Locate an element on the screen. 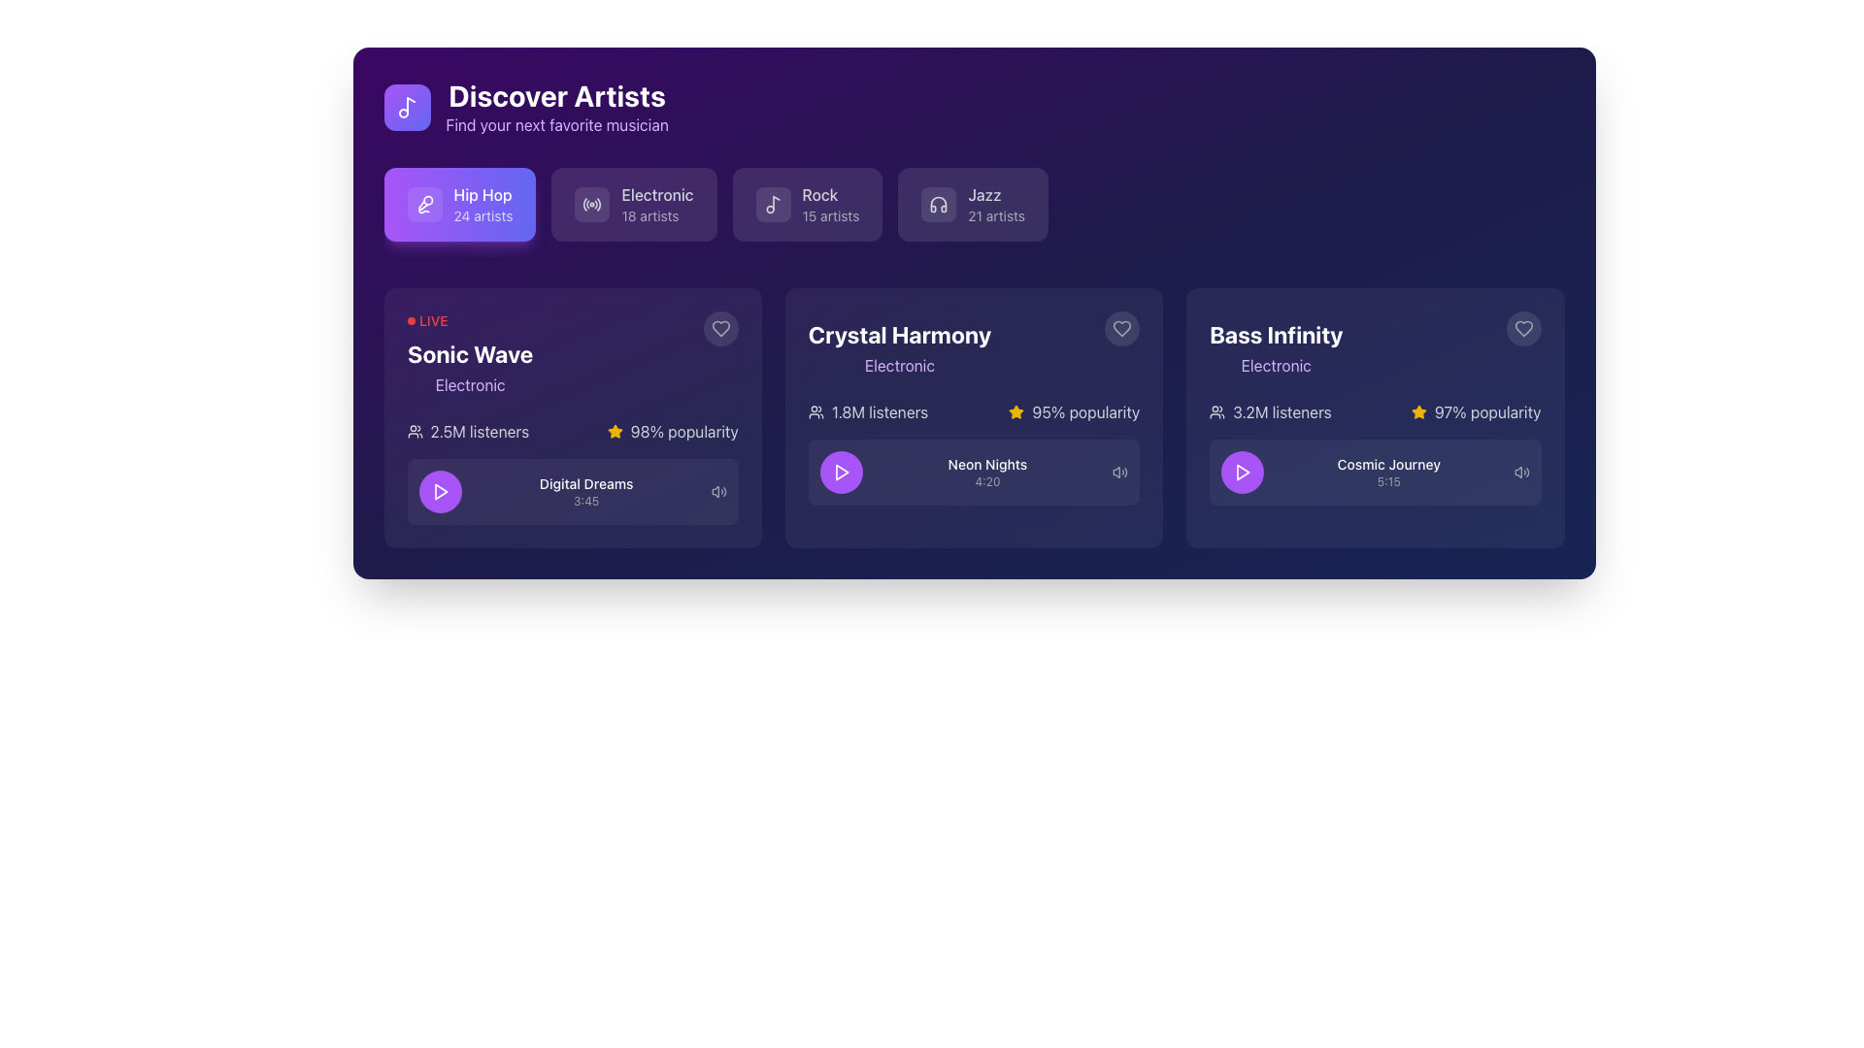 Image resolution: width=1864 pixels, height=1048 pixels. the text label displaying 'Digital Dreams' which is positioned within the 'Sonic Wave' card in the 'Discover Artists' section, located just below the main title and above the smaller text '3:45' is located at coordinates (585, 482).